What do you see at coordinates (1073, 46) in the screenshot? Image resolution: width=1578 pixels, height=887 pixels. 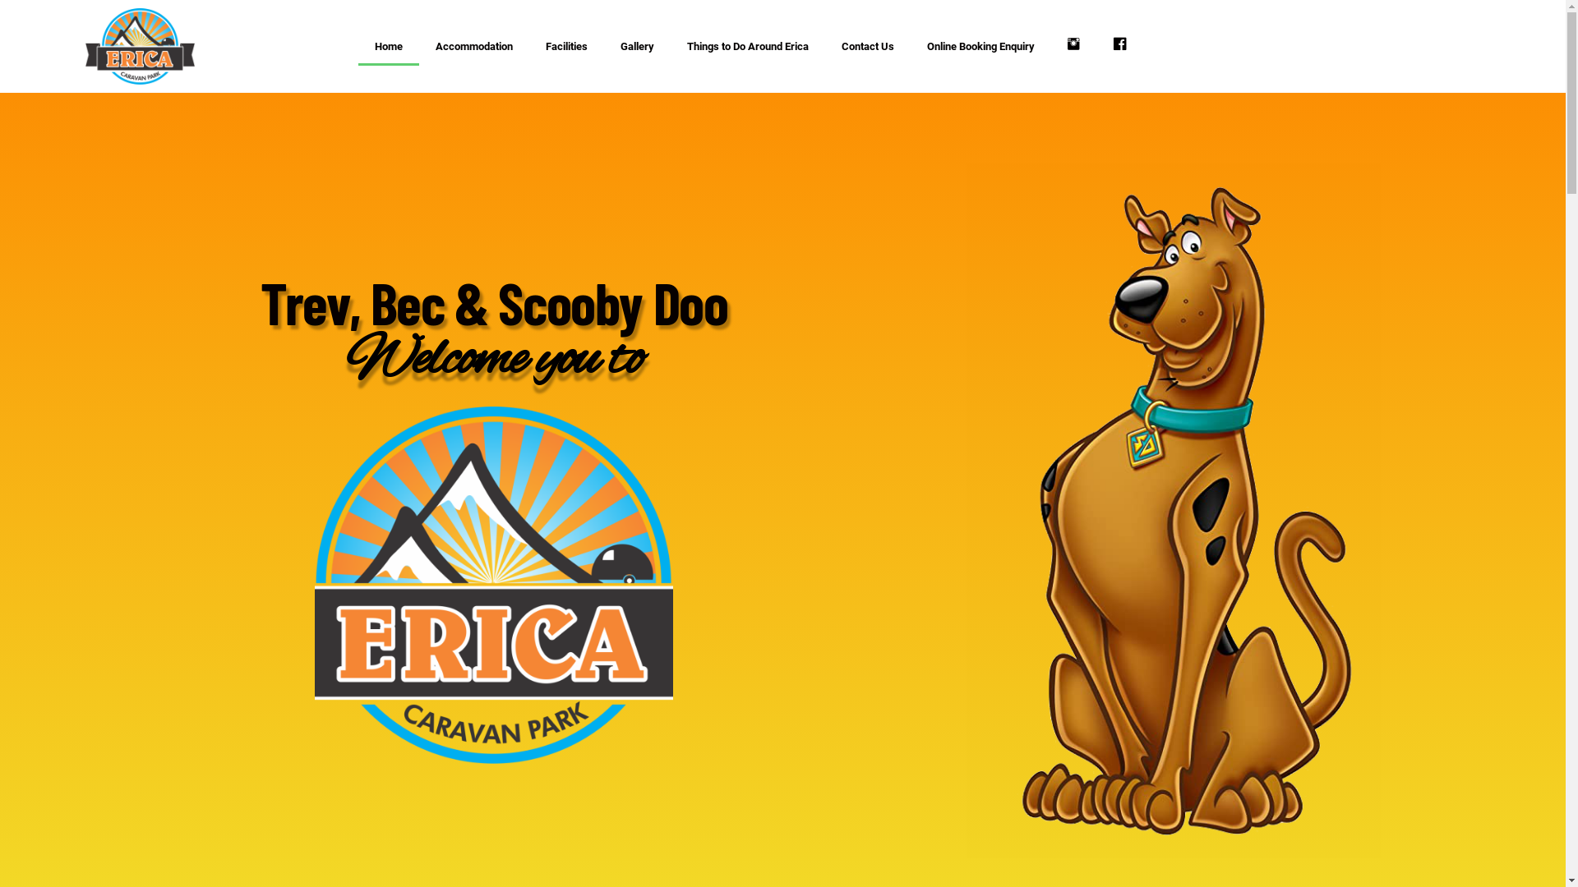 I see `'Instagram'` at bounding box center [1073, 46].